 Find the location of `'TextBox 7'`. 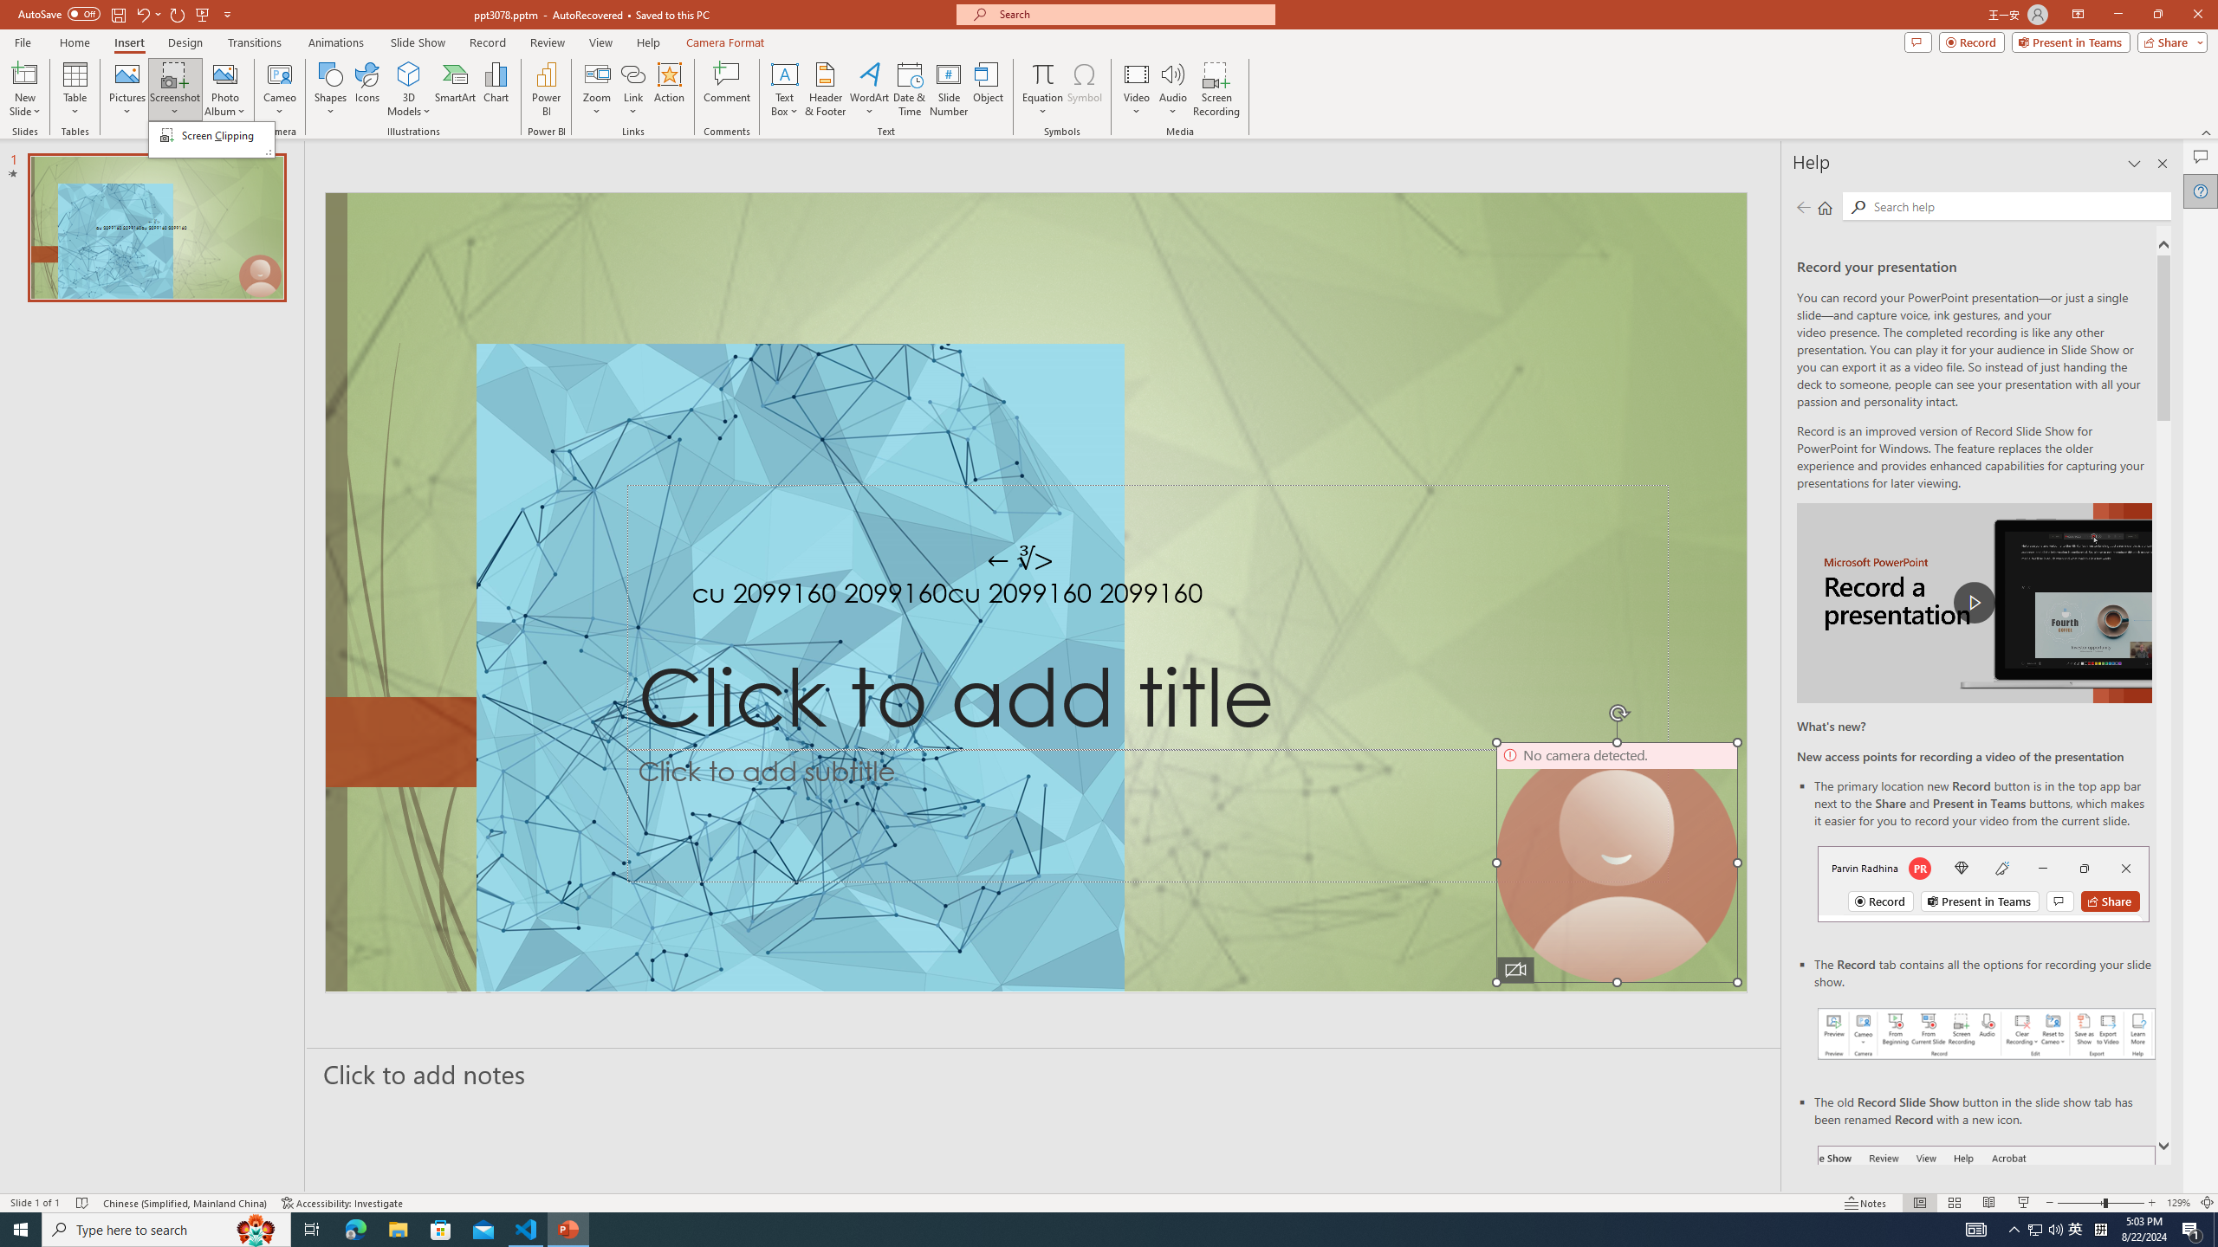

'TextBox 7' is located at coordinates (1021, 559).